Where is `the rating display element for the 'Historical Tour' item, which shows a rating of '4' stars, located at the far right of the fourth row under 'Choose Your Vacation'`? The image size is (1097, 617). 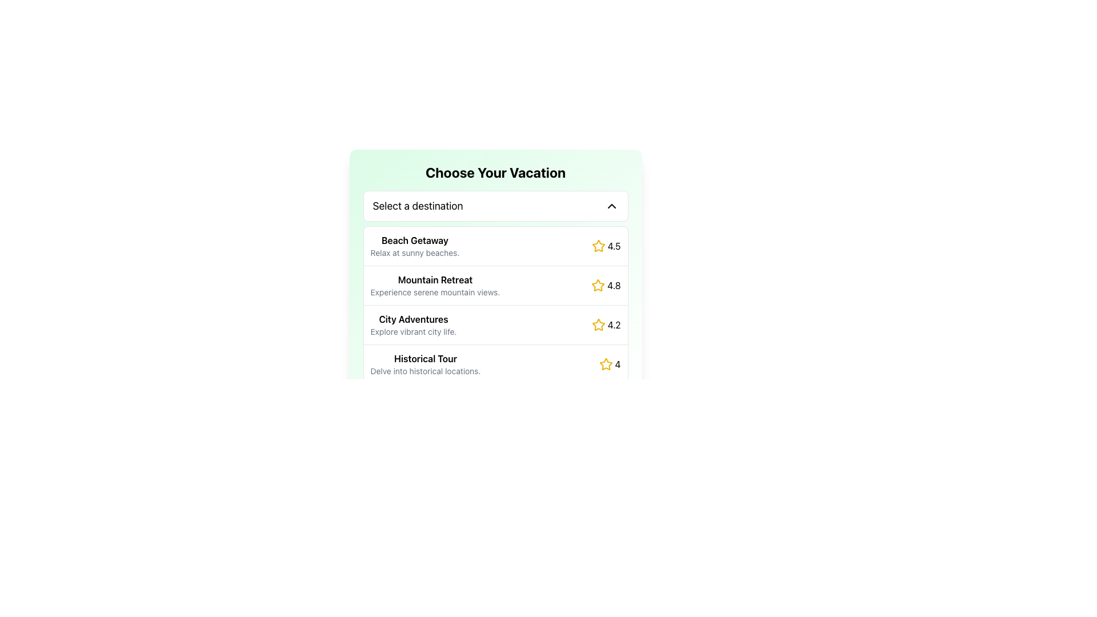 the rating display element for the 'Historical Tour' item, which shows a rating of '4' stars, located at the far right of the fourth row under 'Choose Your Vacation' is located at coordinates (609, 364).